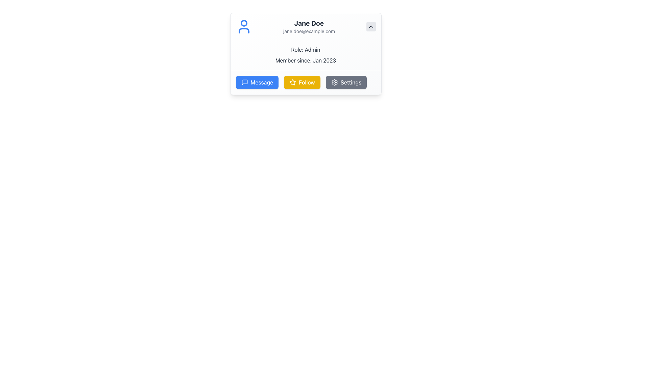 This screenshot has width=649, height=365. What do you see at coordinates (305, 54) in the screenshot?
I see `the text display that shows the user's role and membership date, located centrally below the user's name and email within the profile card` at bounding box center [305, 54].